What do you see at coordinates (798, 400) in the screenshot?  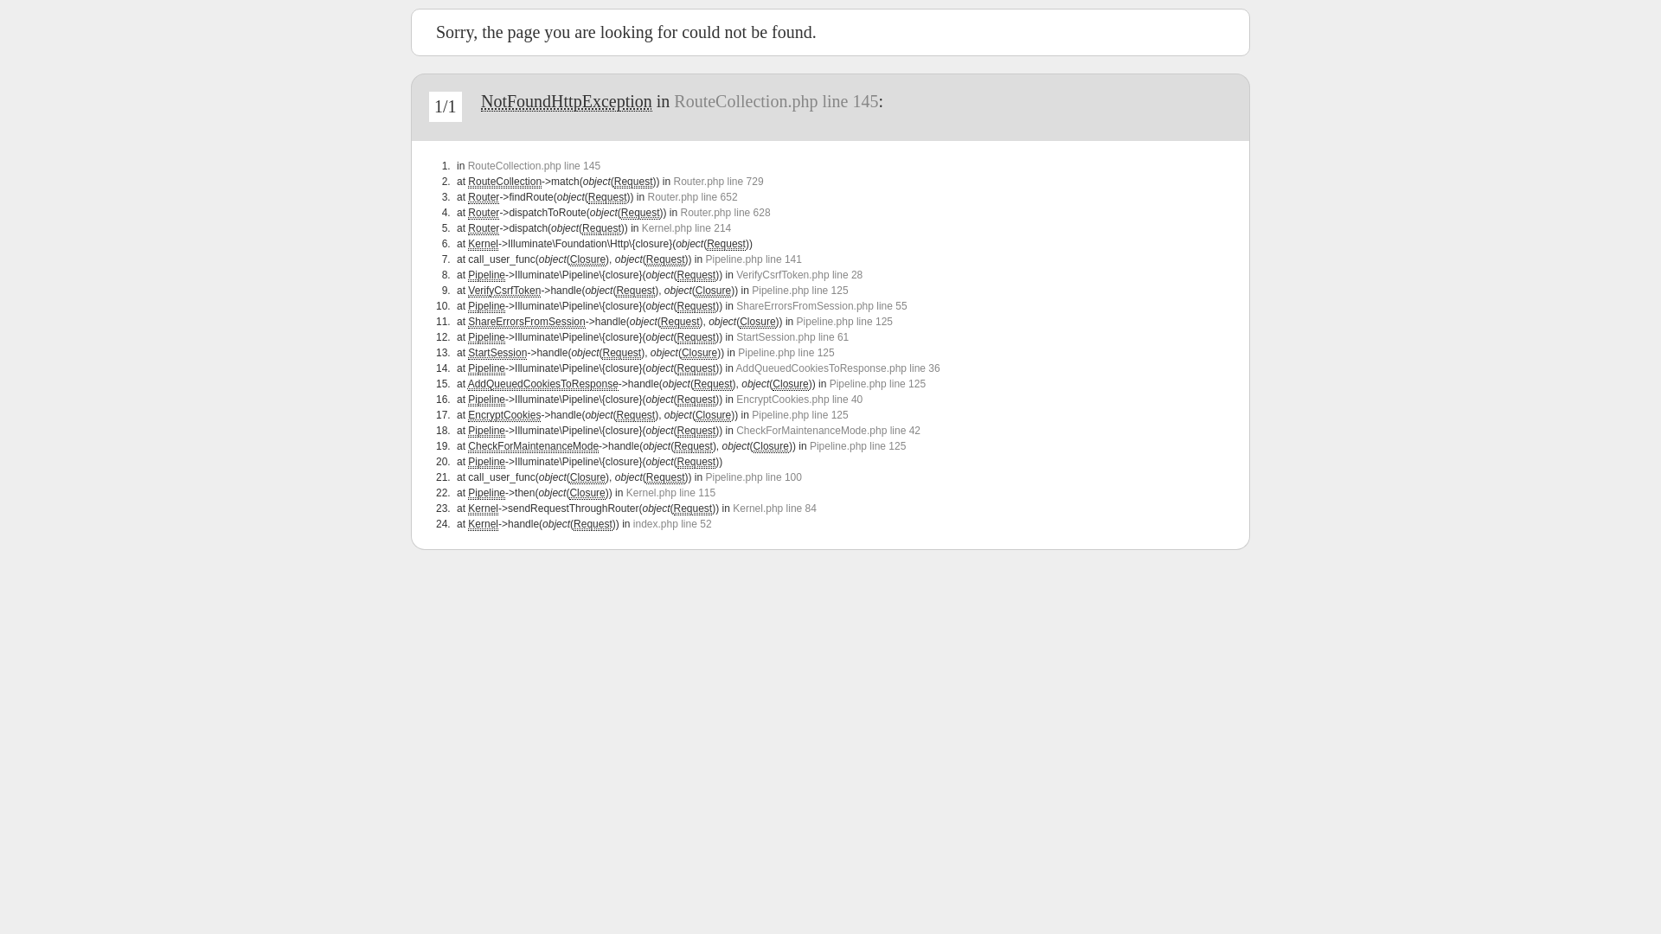 I see `'EncryptCookies.php line 40'` at bounding box center [798, 400].